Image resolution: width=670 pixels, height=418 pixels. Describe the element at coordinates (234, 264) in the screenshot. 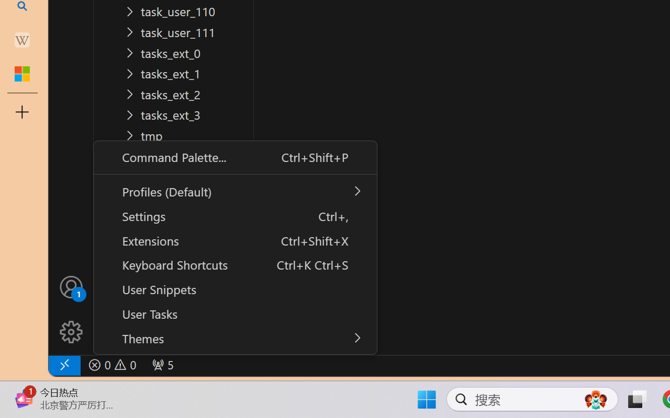

I see `'Keyboard Shortcuts Ctrl+K Ctrl+S'` at that location.